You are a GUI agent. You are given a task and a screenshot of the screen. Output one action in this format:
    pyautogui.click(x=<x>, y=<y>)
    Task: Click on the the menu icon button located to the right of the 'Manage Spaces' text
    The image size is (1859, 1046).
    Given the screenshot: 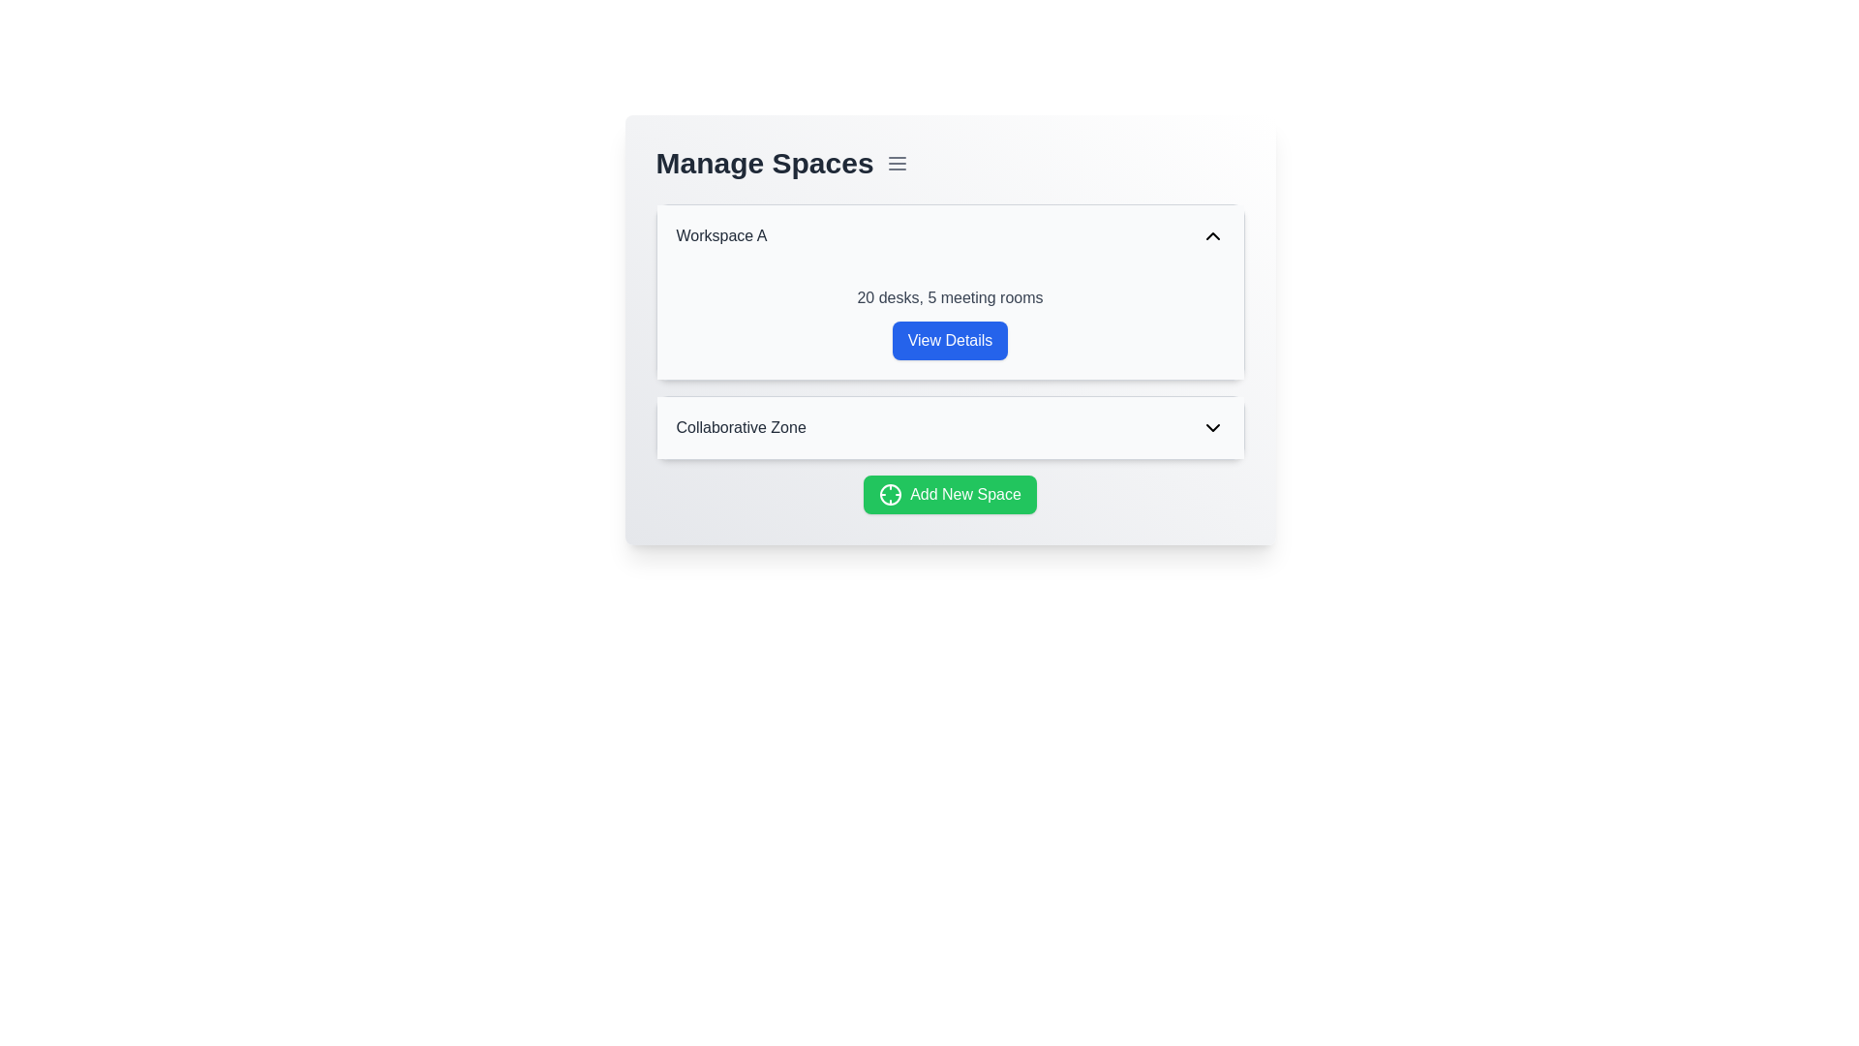 What is the action you would take?
    pyautogui.click(x=896, y=163)
    